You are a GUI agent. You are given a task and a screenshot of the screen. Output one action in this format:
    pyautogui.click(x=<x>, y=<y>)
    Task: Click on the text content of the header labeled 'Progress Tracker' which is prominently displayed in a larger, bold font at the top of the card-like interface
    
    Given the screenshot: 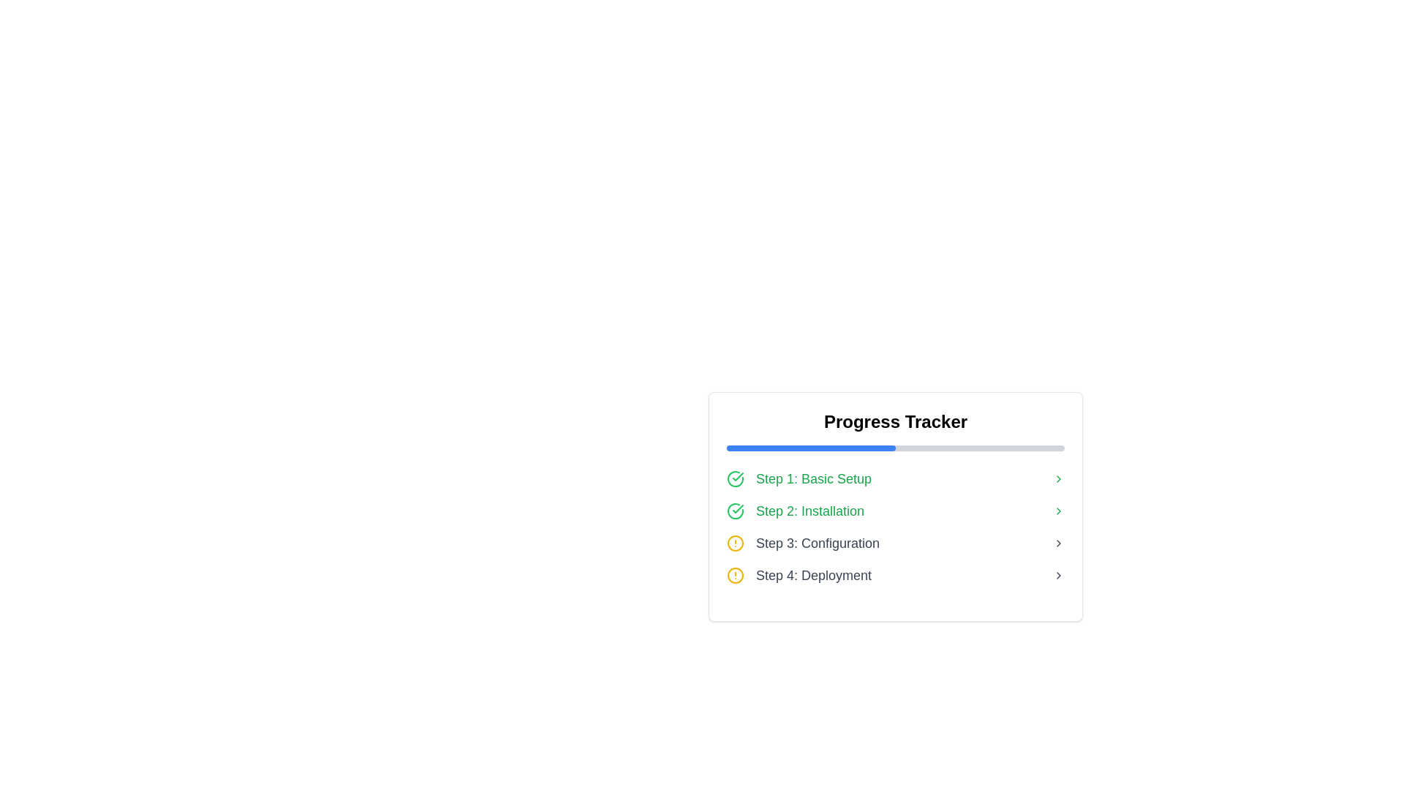 What is the action you would take?
    pyautogui.click(x=894, y=422)
    